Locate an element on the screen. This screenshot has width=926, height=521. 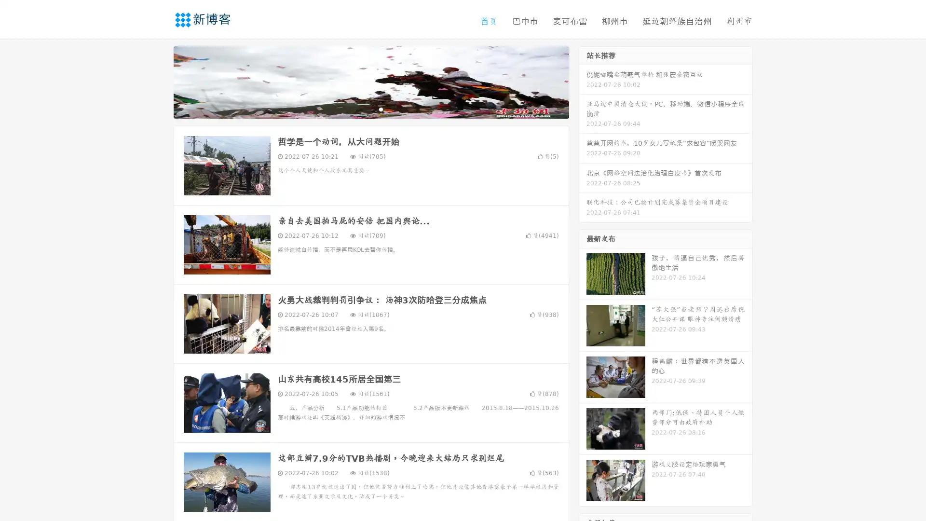
Next slide is located at coordinates (583, 81).